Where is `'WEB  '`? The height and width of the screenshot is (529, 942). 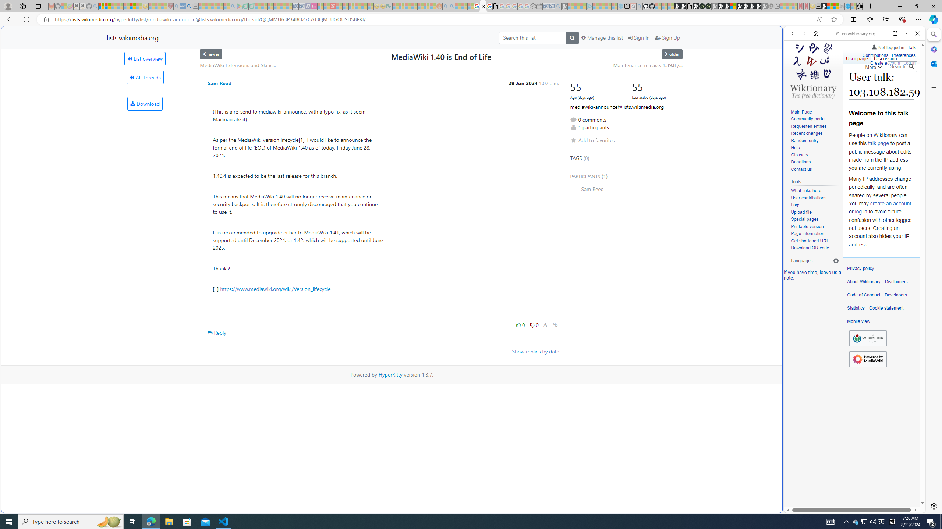
'WEB  ' is located at coordinates (796, 84).